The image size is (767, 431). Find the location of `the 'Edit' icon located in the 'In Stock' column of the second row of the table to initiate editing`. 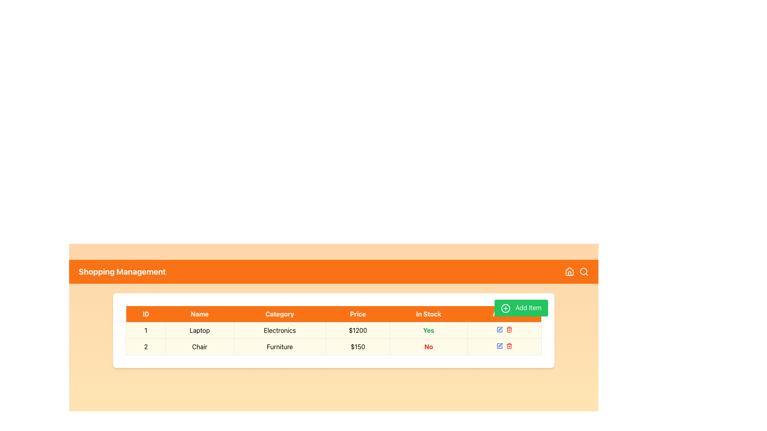

the 'Edit' icon located in the 'In Stock' column of the second row of the table to initiate editing is located at coordinates (500, 344).